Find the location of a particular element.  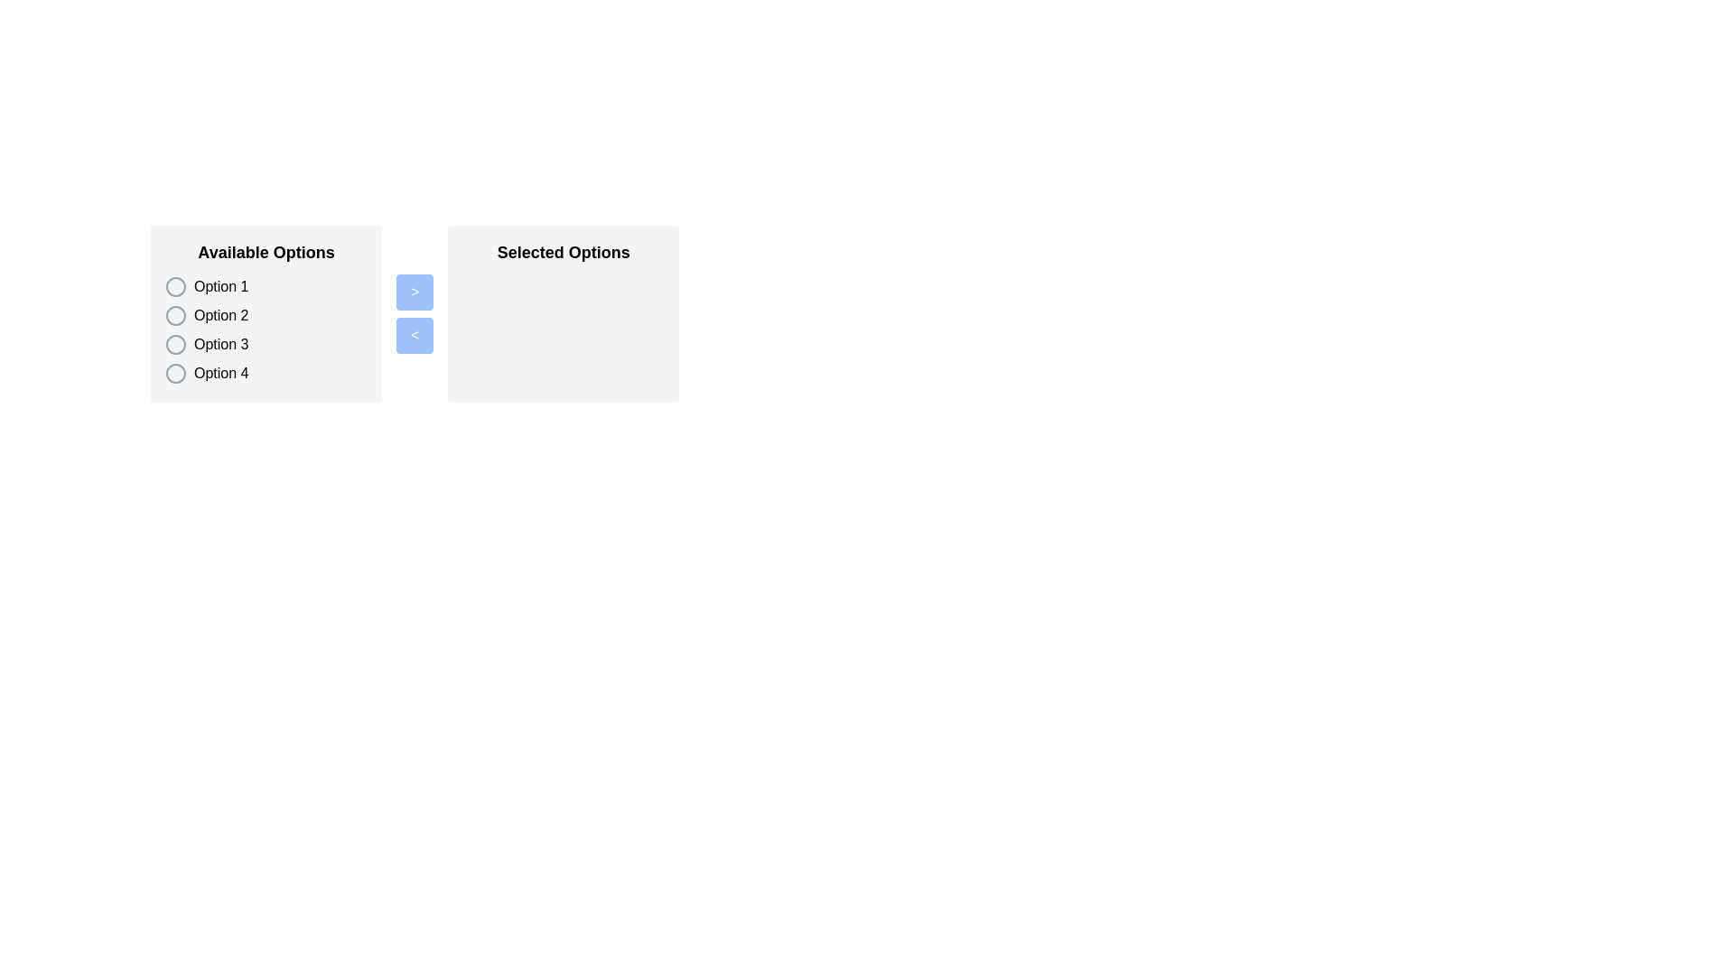

the selectable marker for 'Option 4' in the list of radio buttons located under the Available Options section is located at coordinates (176, 372).